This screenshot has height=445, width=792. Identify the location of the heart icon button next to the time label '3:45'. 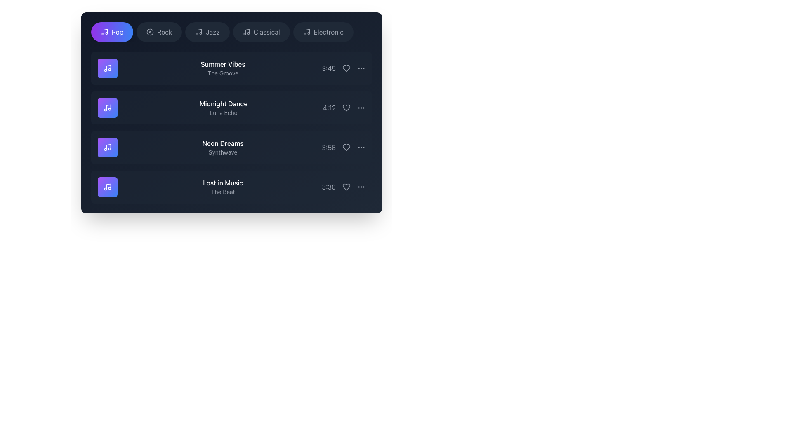
(346, 68).